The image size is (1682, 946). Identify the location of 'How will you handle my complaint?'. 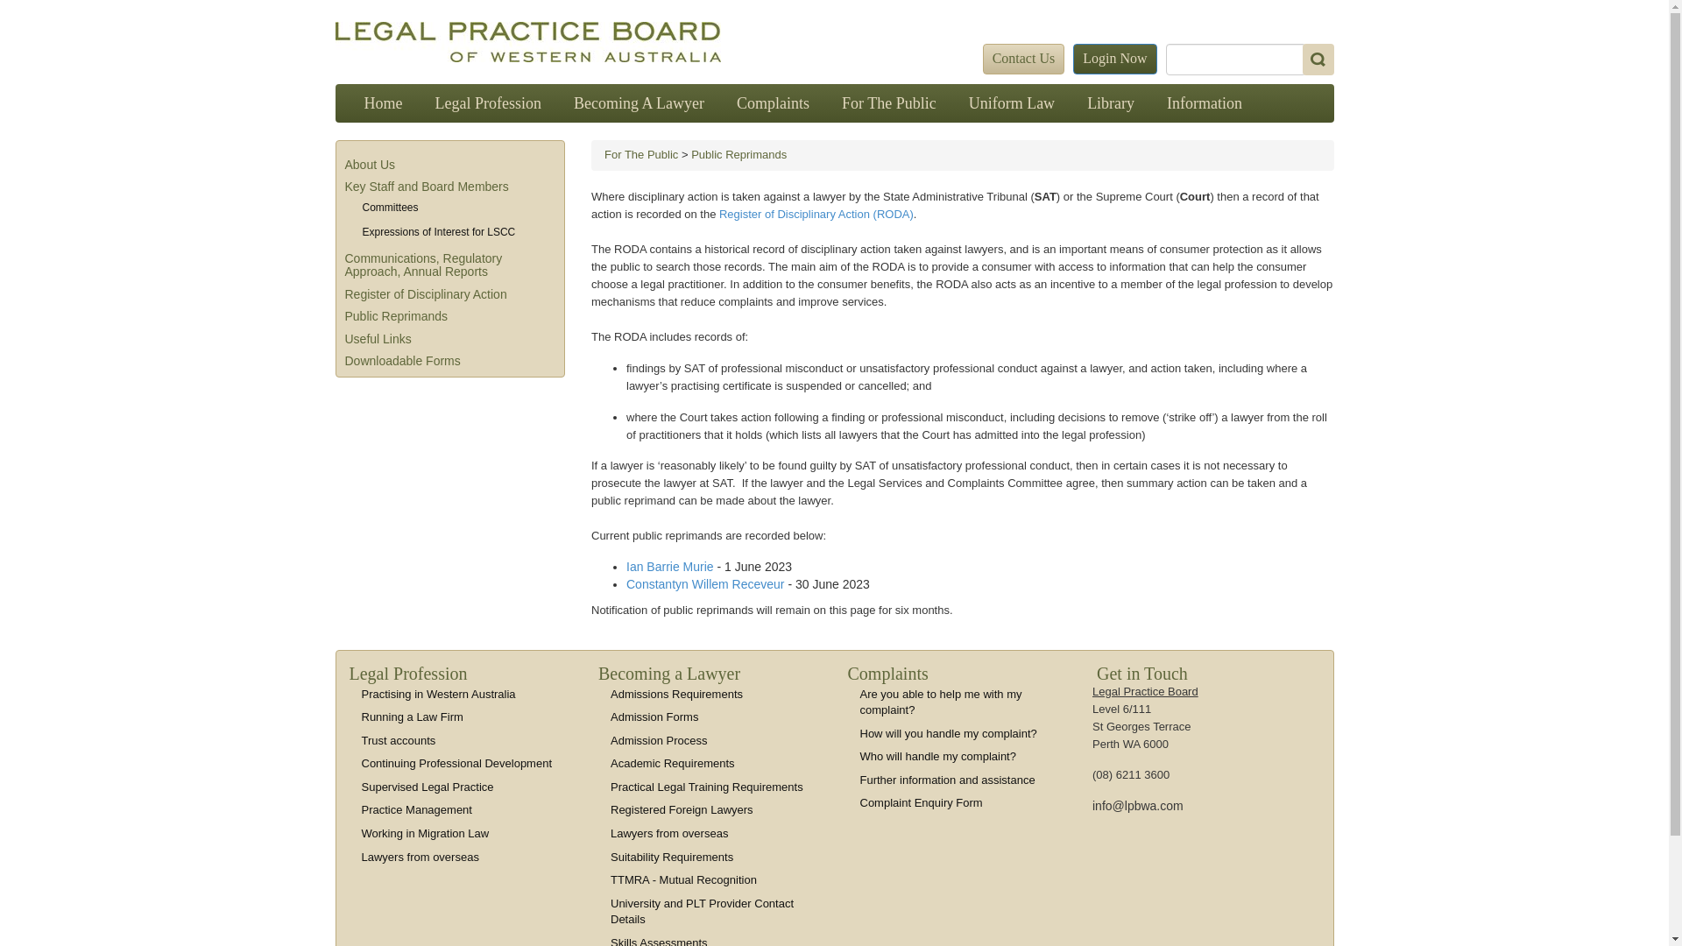
(948, 733).